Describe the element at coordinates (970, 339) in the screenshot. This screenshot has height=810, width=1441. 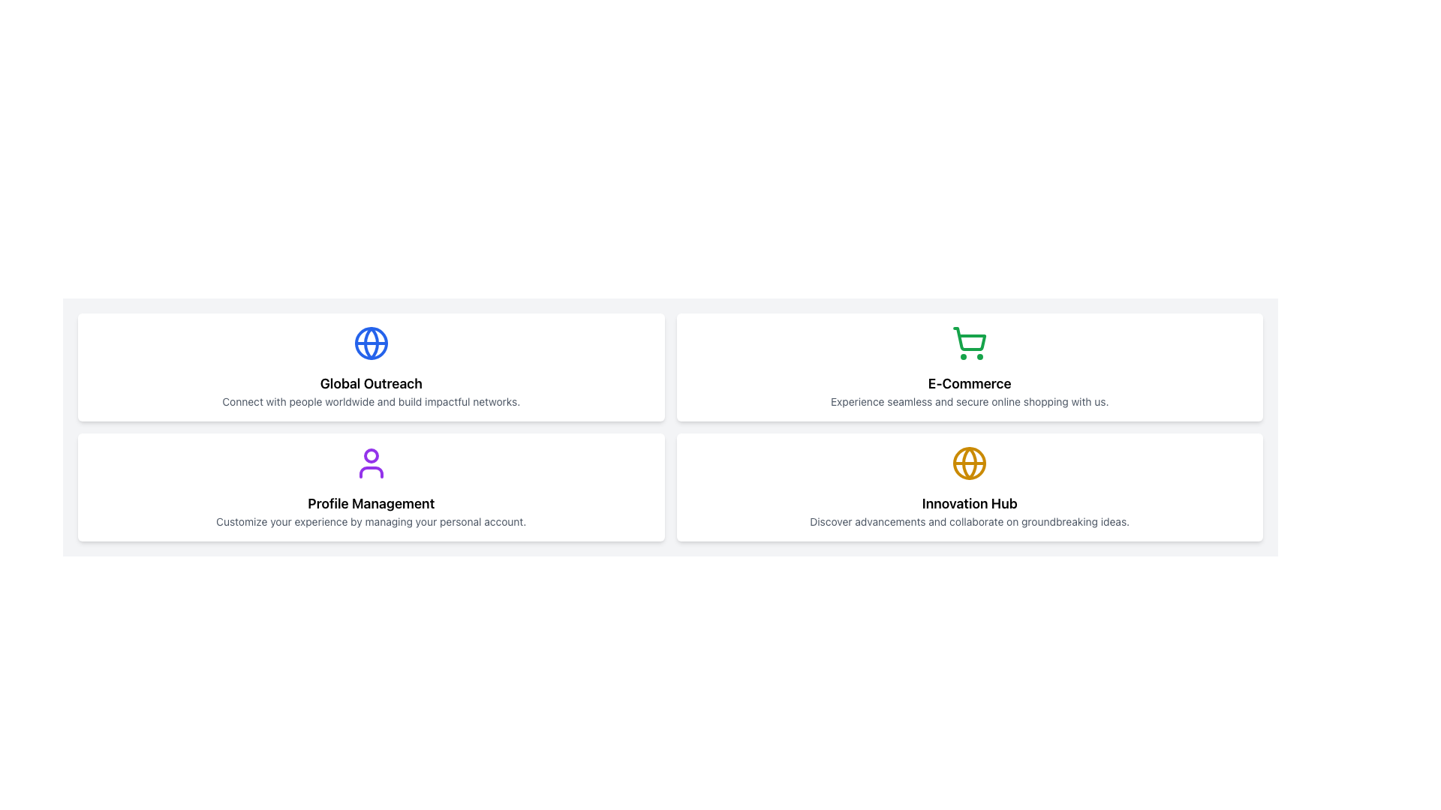
I see `the vector graphic element representing the e-commerce icon in the 'E-Commerce' panel, located centrally above the title` at that location.